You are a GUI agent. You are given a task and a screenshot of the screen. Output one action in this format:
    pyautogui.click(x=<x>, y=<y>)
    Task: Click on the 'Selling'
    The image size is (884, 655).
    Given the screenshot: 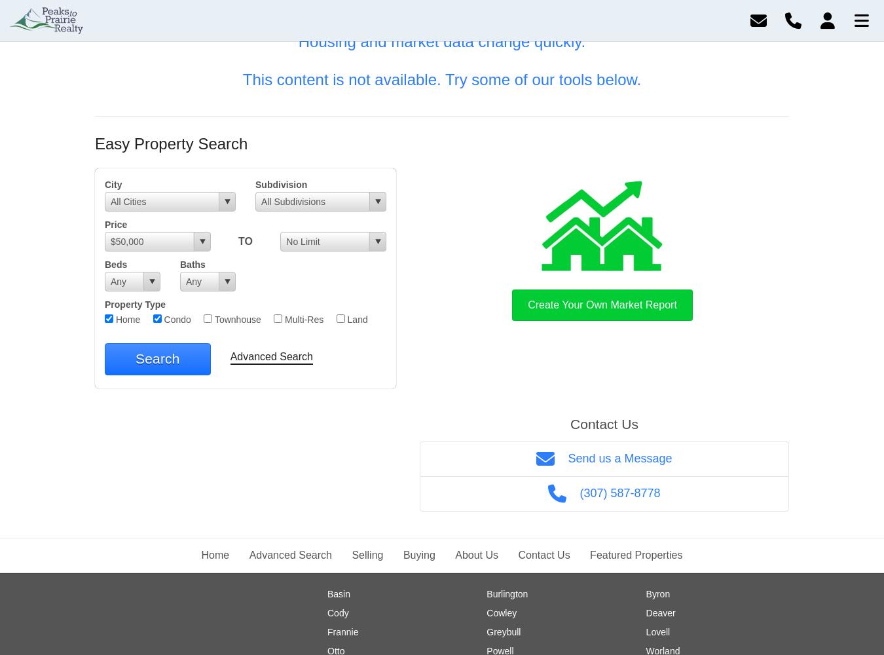 What is the action you would take?
    pyautogui.click(x=367, y=553)
    